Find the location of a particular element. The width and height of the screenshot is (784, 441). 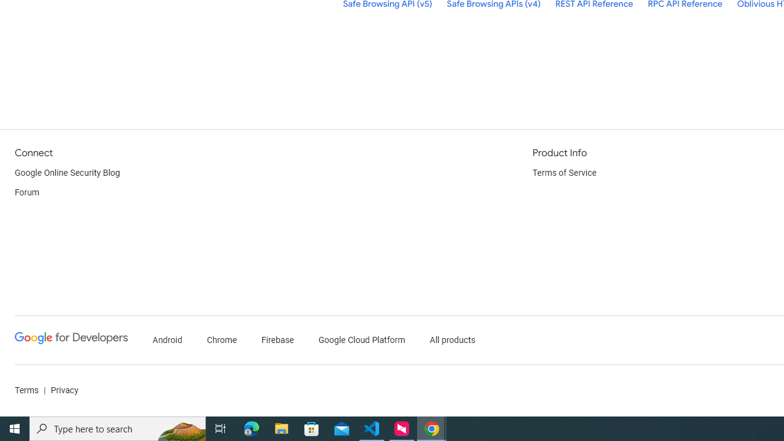

'Terms' is located at coordinates (27, 390).